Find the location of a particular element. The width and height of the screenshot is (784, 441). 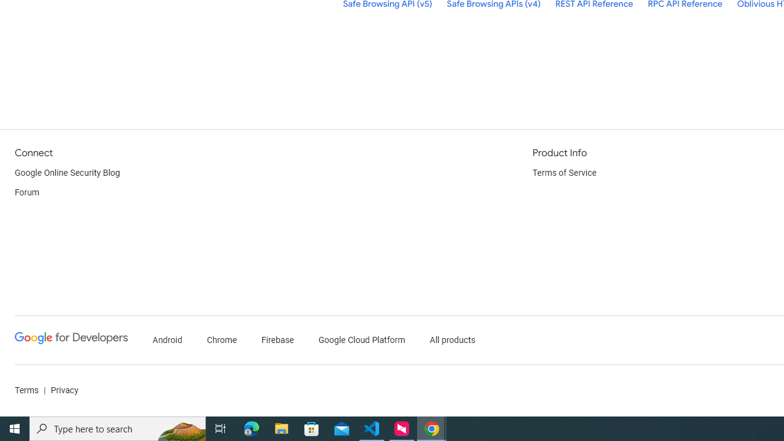

'Terms' is located at coordinates (27, 390).